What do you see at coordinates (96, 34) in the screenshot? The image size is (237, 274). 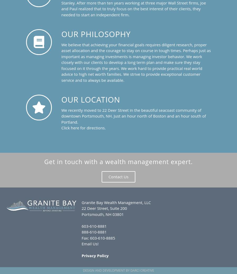 I see `'OUR PHILOSOPHY'` at bounding box center [96, 34].